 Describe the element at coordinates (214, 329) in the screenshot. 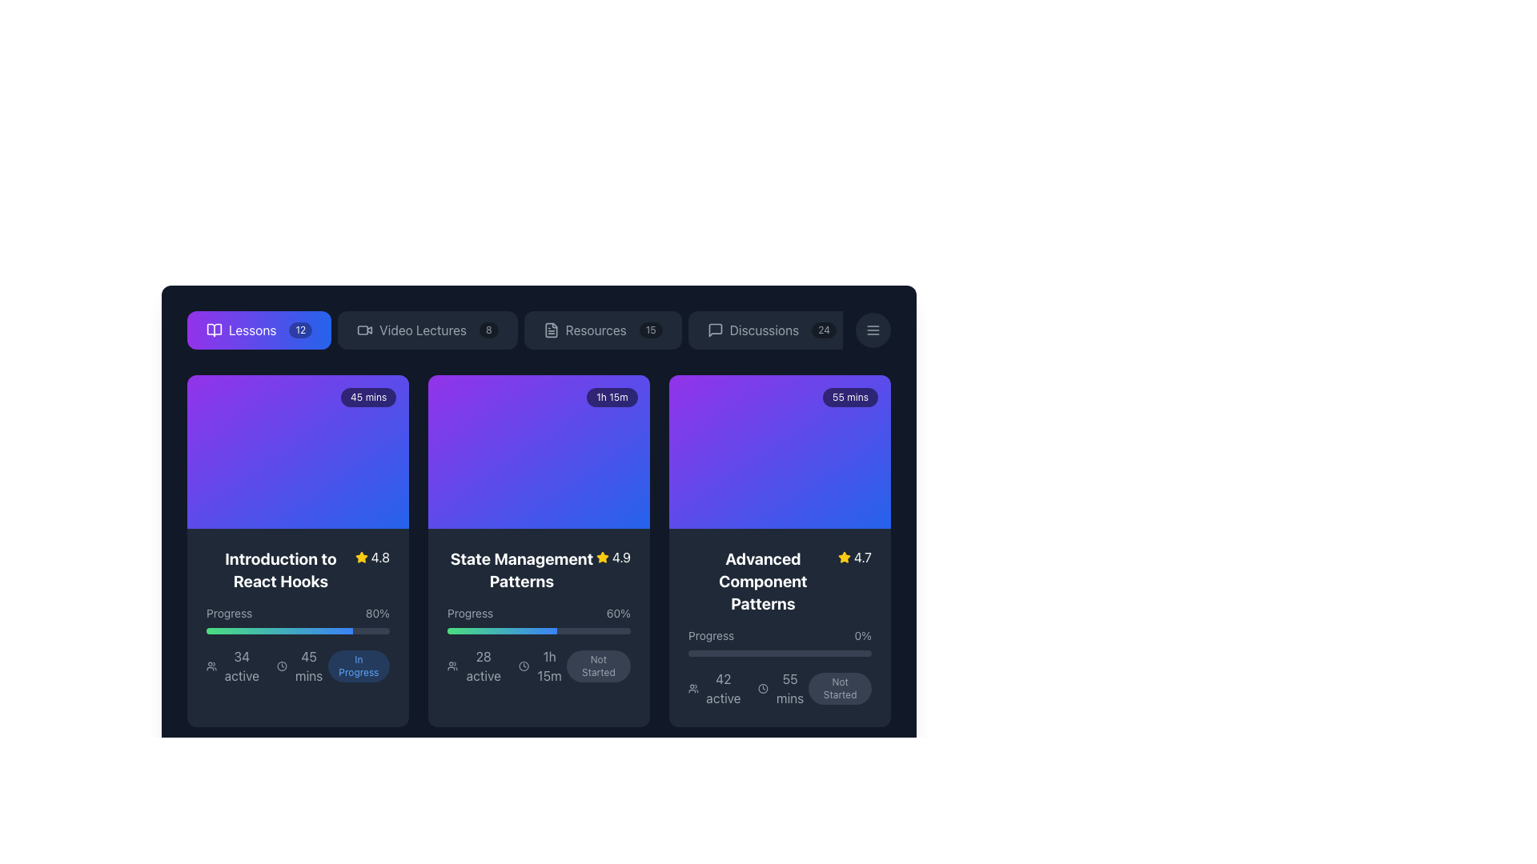

I see `the small open book icon with a thin outline on a purple background, located within the 'Lessons 12' button in the top-left section of the interface` at that location.